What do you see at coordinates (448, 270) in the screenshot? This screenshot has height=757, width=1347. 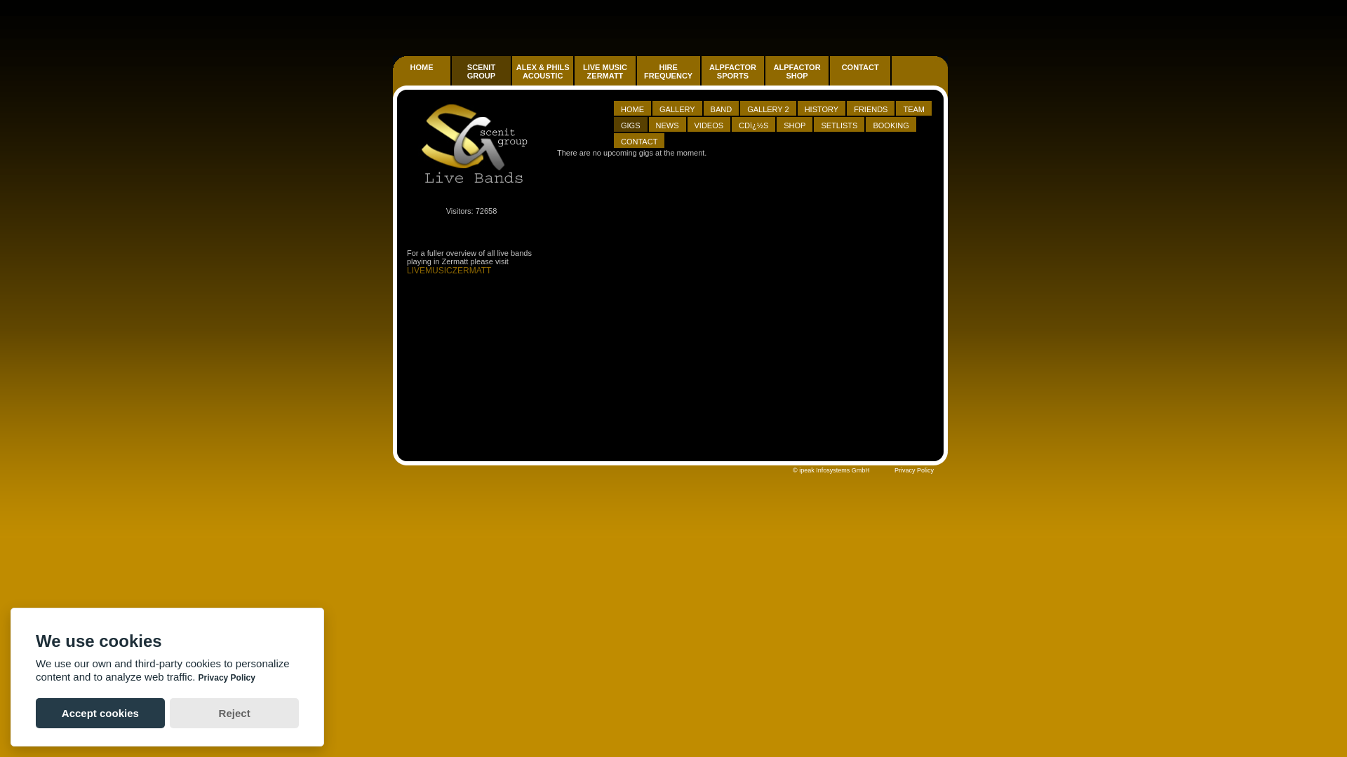 I see `'LIVEMUSICZERMATT'` at bounding box center [448, 270].